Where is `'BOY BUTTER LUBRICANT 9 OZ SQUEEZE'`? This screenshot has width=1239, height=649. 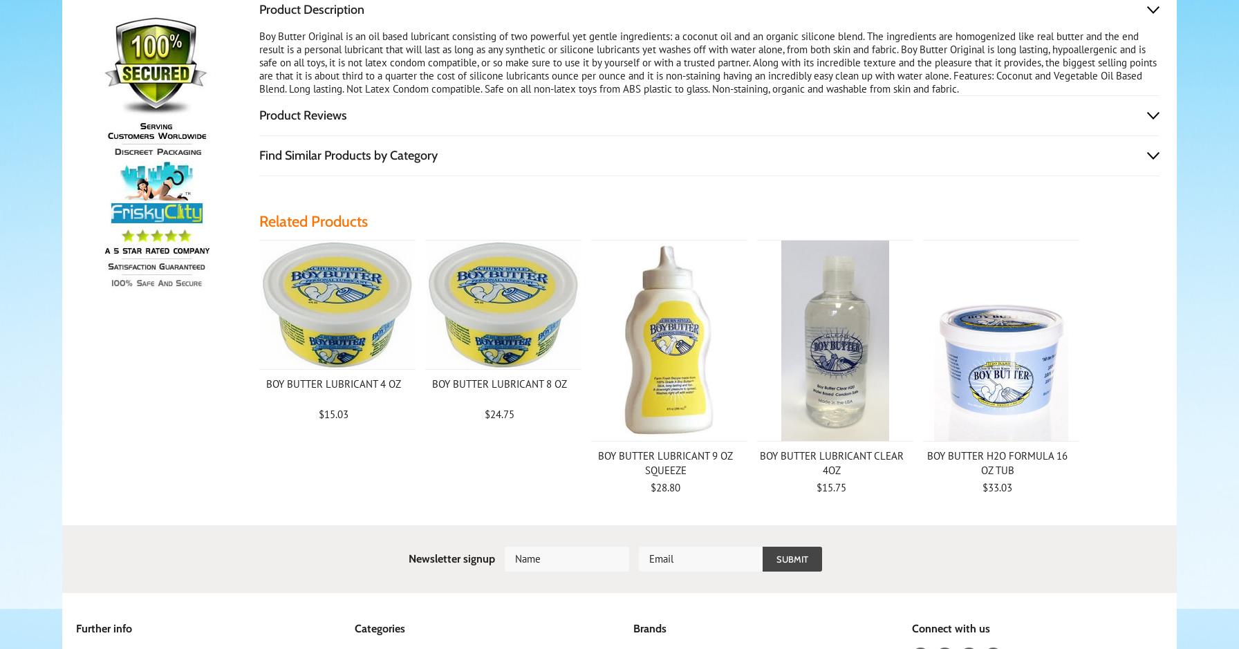 'BOY BUTTER LUBRICANT 9 OZ SQUEEZE' is located at coordinates (664, 462).